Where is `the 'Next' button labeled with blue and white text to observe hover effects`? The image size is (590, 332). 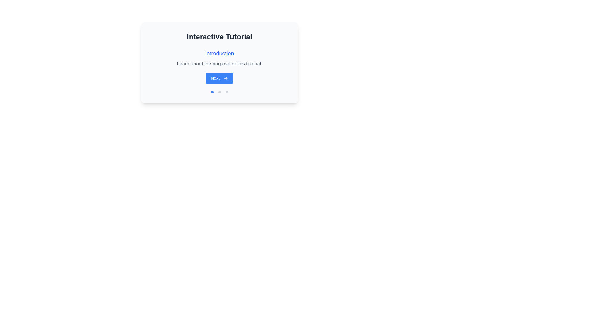
the 'Next' button labeled with blue and white text to observe hover effects is located at coordinates (219, 66).